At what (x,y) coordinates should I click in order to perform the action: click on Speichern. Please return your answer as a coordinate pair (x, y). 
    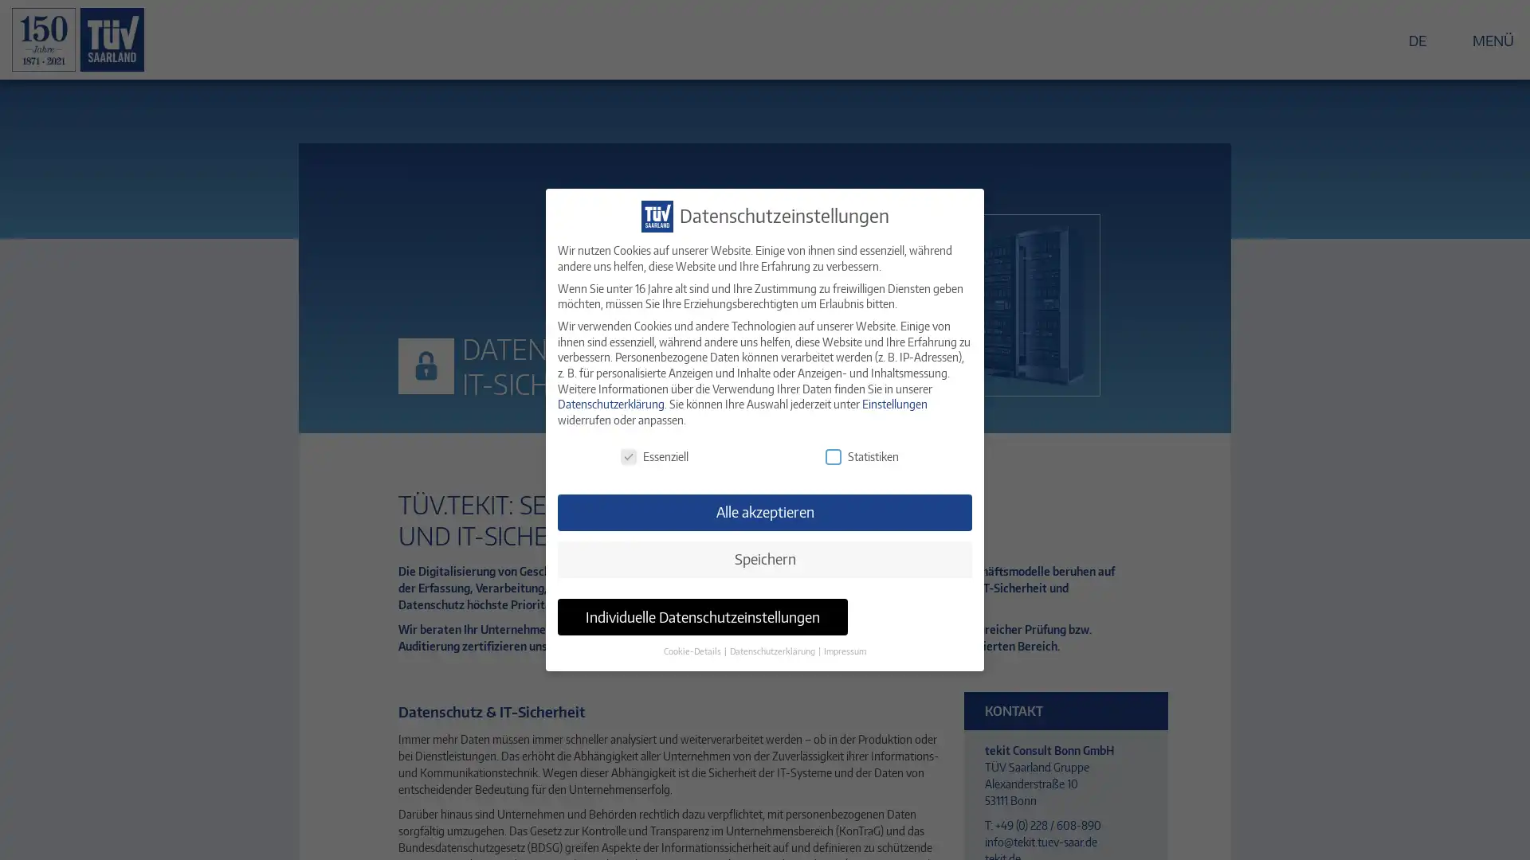
    Looking at the image, I should click on (765, 558).